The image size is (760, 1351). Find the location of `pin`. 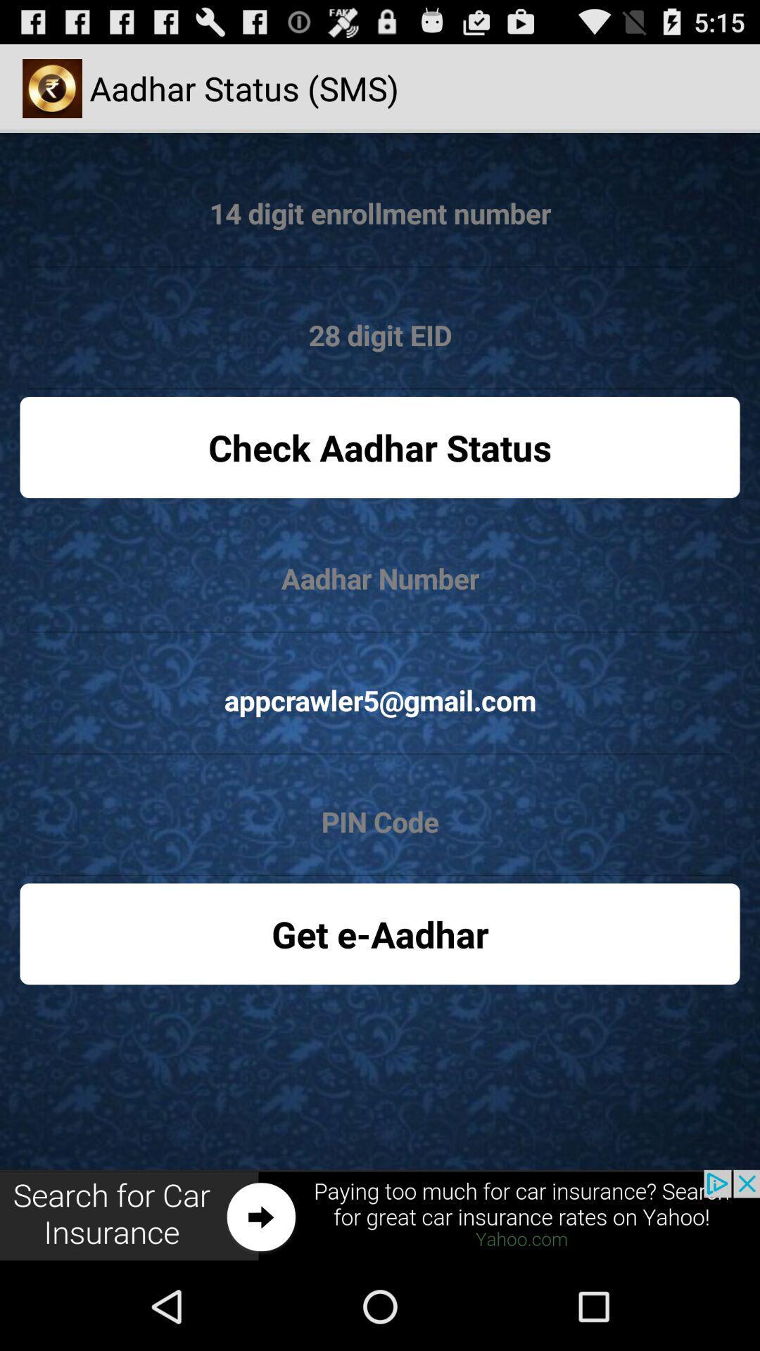

pin is located at coordinates (380, 823).